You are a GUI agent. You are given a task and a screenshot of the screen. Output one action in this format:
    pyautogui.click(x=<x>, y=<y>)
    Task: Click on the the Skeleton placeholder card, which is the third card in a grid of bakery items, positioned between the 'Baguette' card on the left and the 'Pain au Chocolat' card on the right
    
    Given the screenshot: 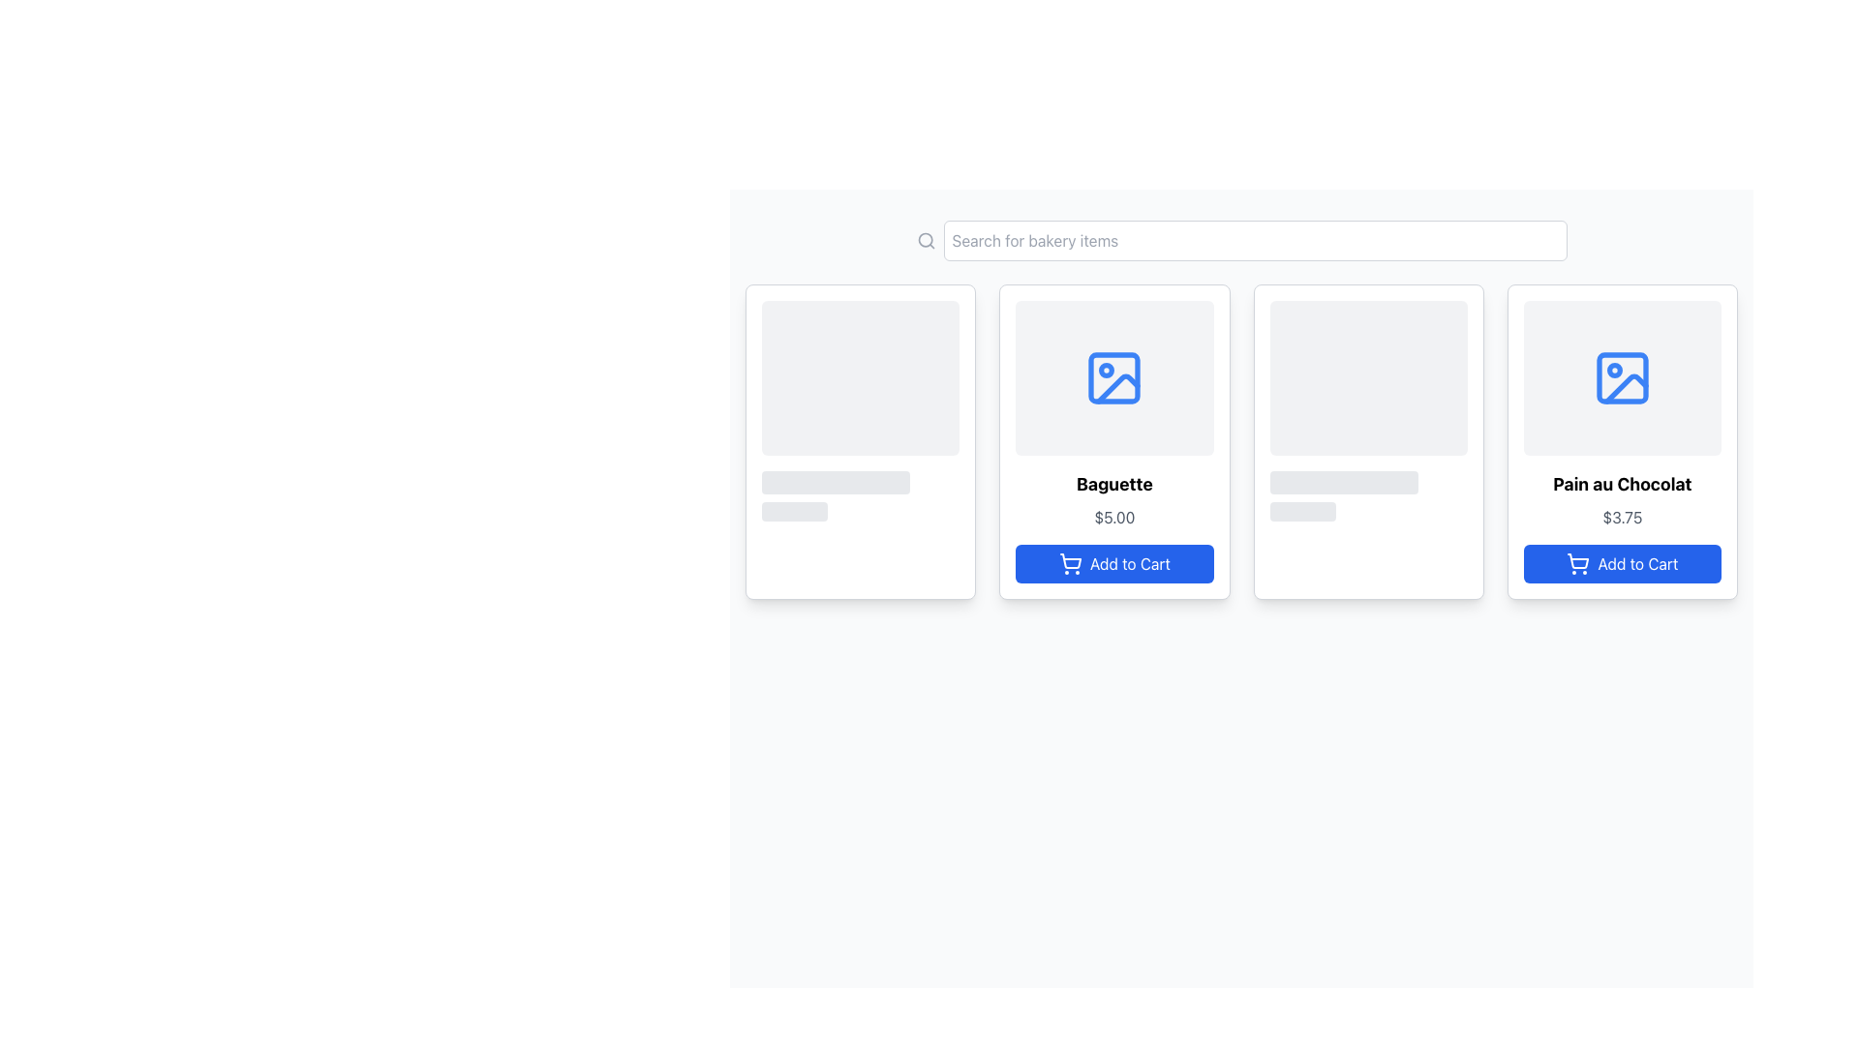 What is the action you would take?
    pyautogui.click(x=1367, y=441)
    